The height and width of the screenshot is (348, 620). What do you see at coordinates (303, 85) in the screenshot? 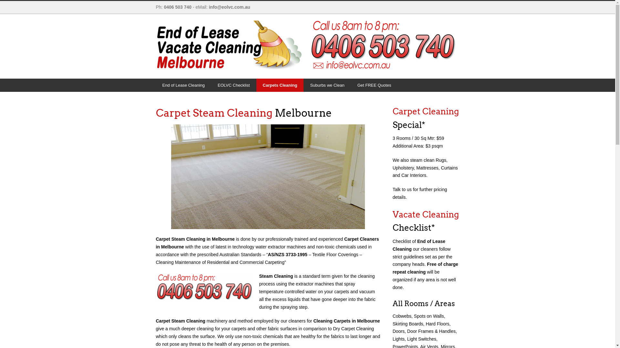
I see `'Suburbs we Clean'` at bounding box center [303, 85].